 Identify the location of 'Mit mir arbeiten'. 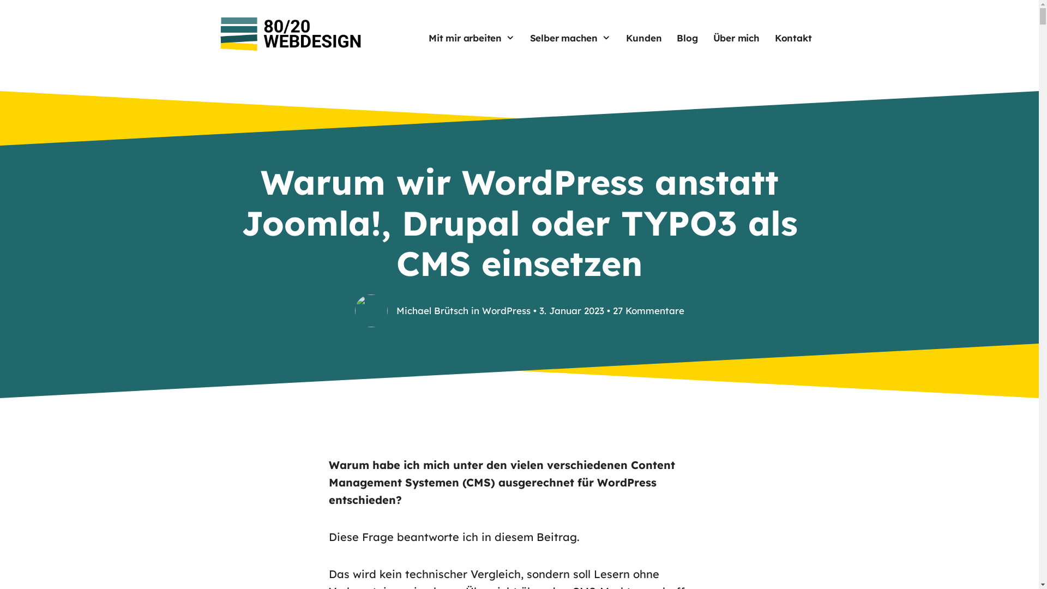
(471, 37).